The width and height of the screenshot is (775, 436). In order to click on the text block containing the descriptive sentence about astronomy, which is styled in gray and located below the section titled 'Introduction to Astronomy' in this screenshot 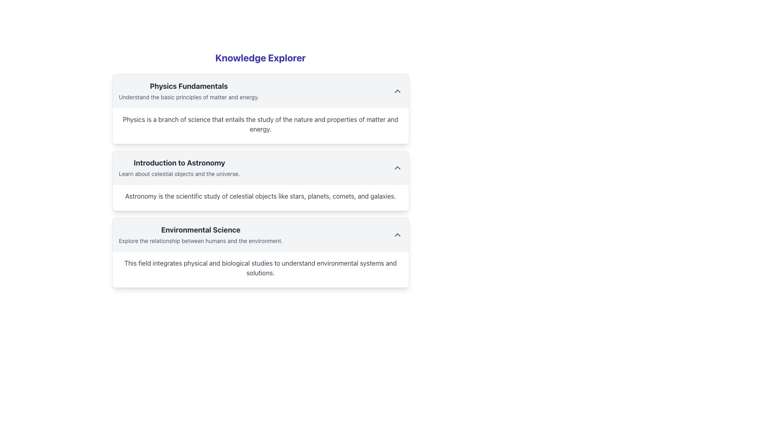, I will do `click(260, 196)`.